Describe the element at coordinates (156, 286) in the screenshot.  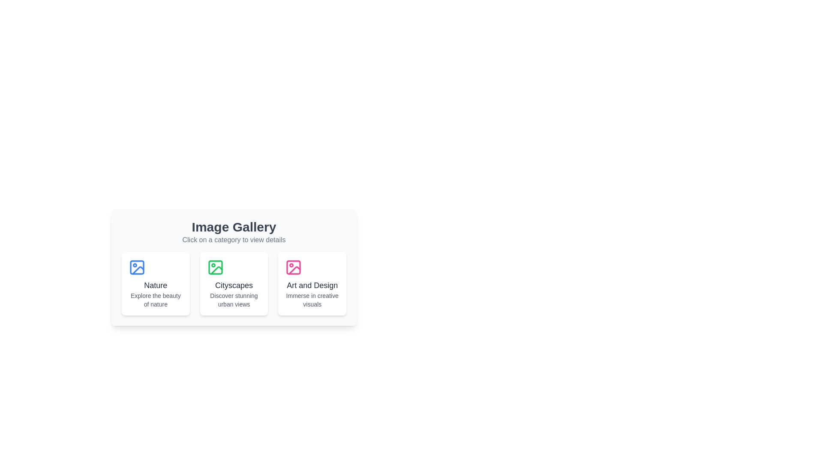
I see `title of the text label that serves as a heading for the card section related to 'Nature', positioned centrally below an image icon in the card under the header 'Image Gallery'` at that location.